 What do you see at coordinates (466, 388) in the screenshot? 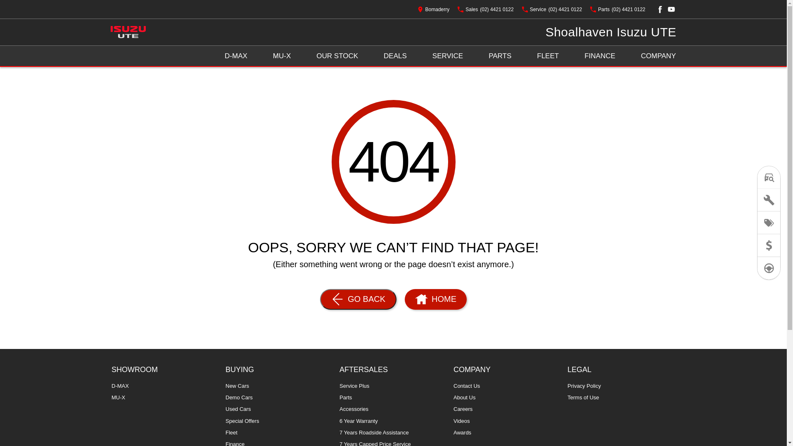
I see `'Contact Us'` at bounding box center [466, 388].